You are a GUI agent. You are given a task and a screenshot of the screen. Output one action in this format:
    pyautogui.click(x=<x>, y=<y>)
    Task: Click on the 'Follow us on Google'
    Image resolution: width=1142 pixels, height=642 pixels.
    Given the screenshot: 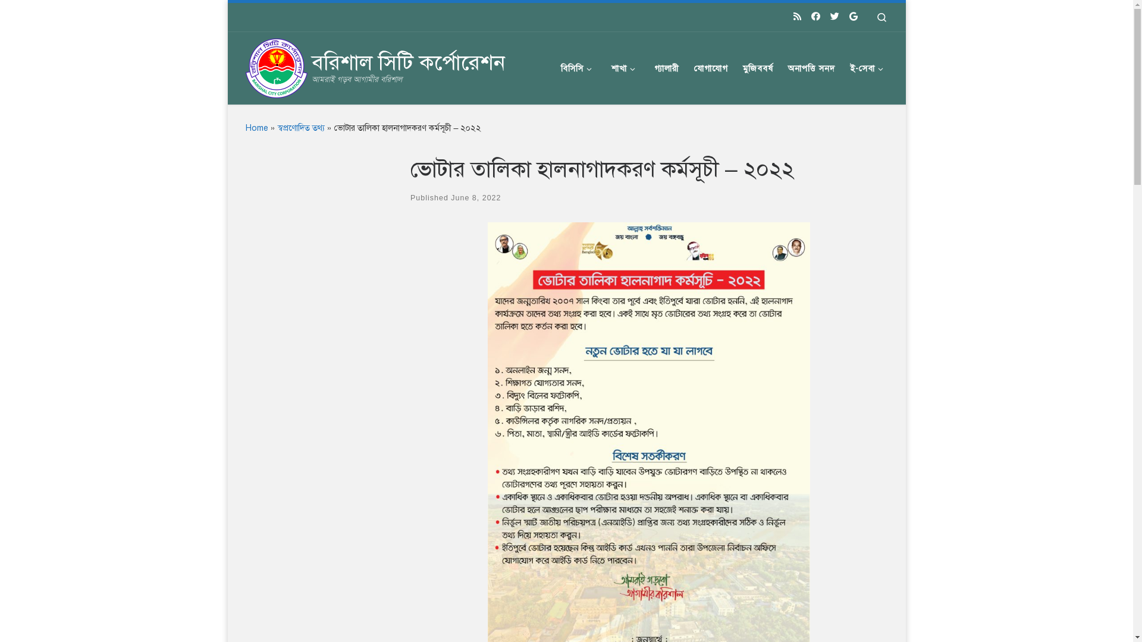 What is the action you would take?
    pyautogui.click(x=849, y=17)
    